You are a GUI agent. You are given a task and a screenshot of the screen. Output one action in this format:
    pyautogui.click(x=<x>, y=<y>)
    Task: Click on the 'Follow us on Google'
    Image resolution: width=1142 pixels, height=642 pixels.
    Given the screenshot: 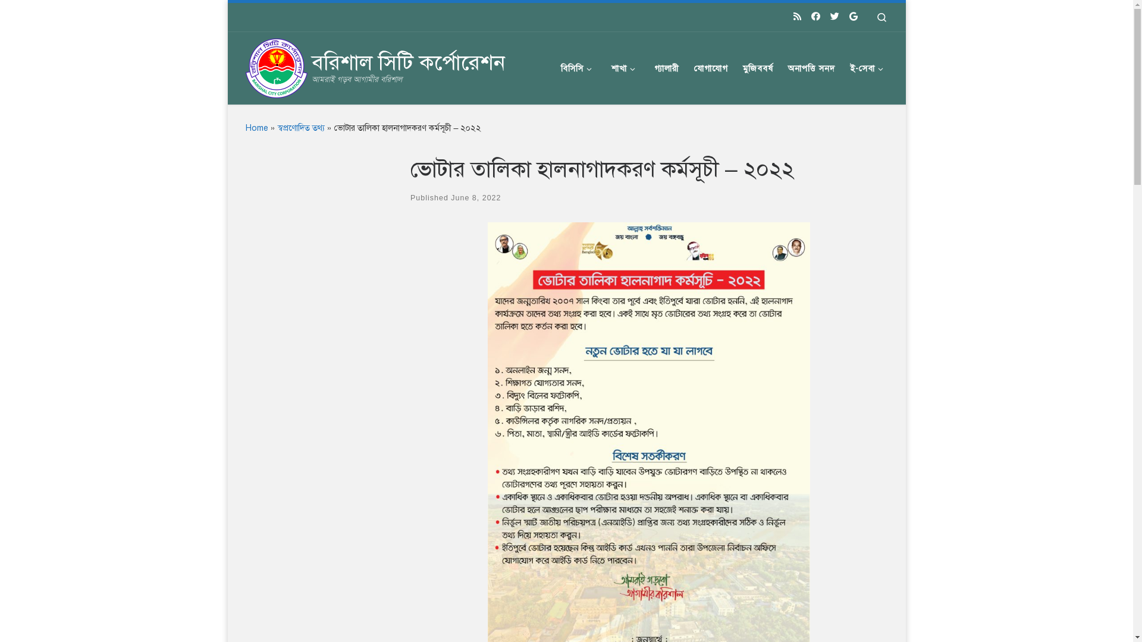 What is the action you would take?
    pyautogui.click(x=849, y=17)
    